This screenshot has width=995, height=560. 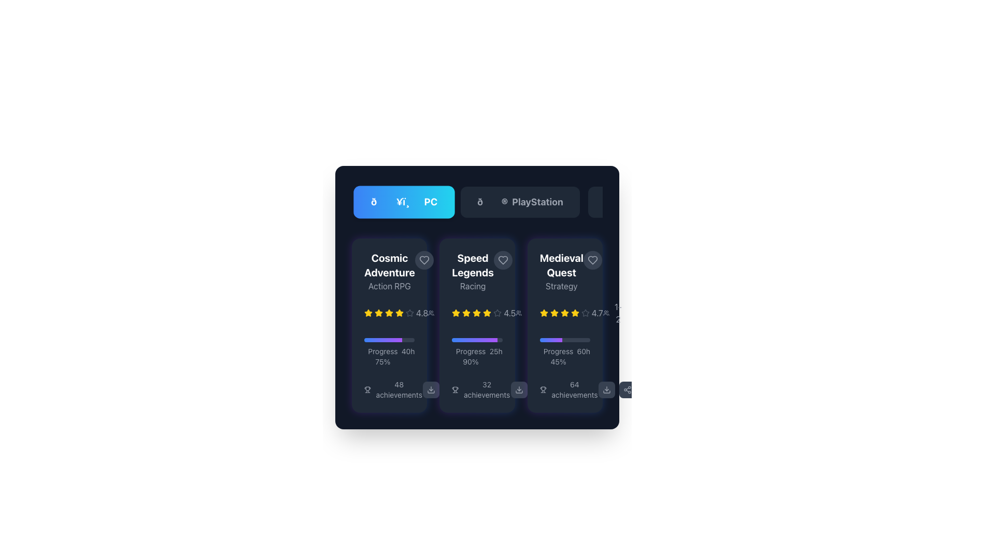 I want to click on the fifth star icon in the rating system for the 'Speed Legends' game, located inside the second card of the game list, so click(x=487, y=313).